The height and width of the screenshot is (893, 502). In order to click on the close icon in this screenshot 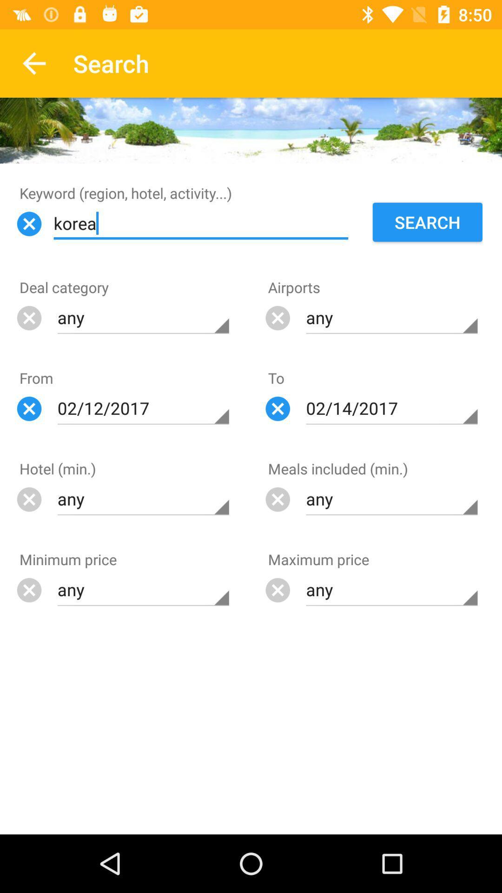, I will do `click(28, 318)`.